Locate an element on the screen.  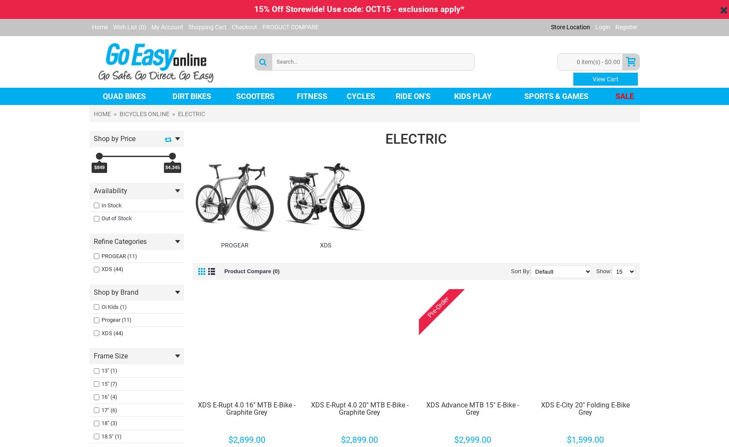
'$4,345' is located at coordinates (172, 166).